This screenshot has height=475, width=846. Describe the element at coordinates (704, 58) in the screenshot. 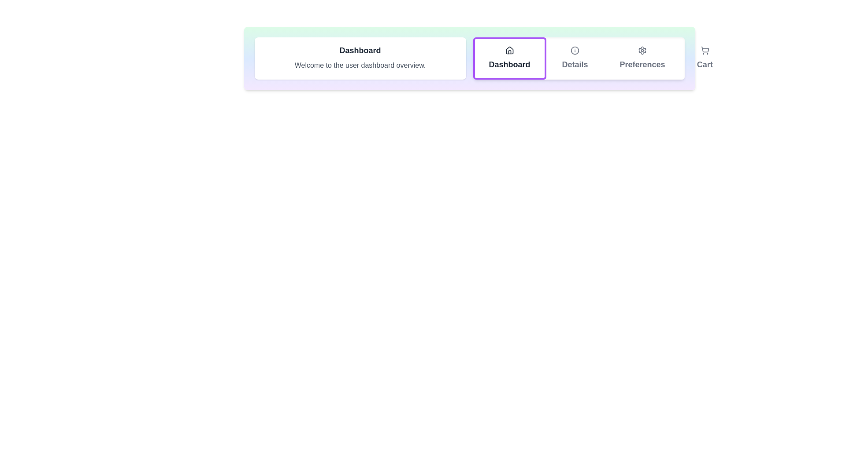

I see `the tab corresponding to Cart` at that location.